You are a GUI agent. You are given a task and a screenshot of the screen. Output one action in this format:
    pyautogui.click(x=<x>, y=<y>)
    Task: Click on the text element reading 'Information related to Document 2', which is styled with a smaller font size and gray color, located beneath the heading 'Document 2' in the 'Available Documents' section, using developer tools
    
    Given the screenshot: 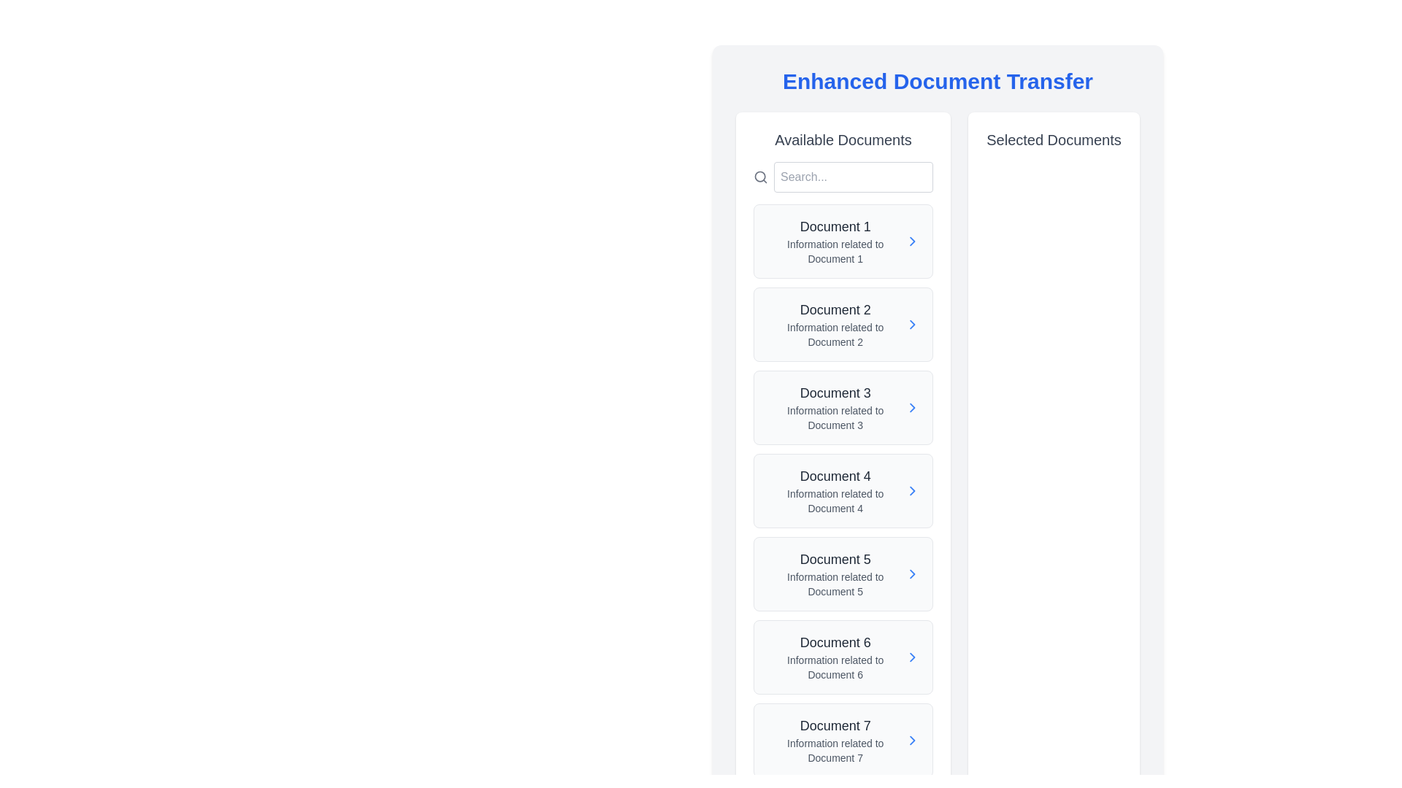 What is the action you would take?
    pyautogui.click(x=835, y=335)
    